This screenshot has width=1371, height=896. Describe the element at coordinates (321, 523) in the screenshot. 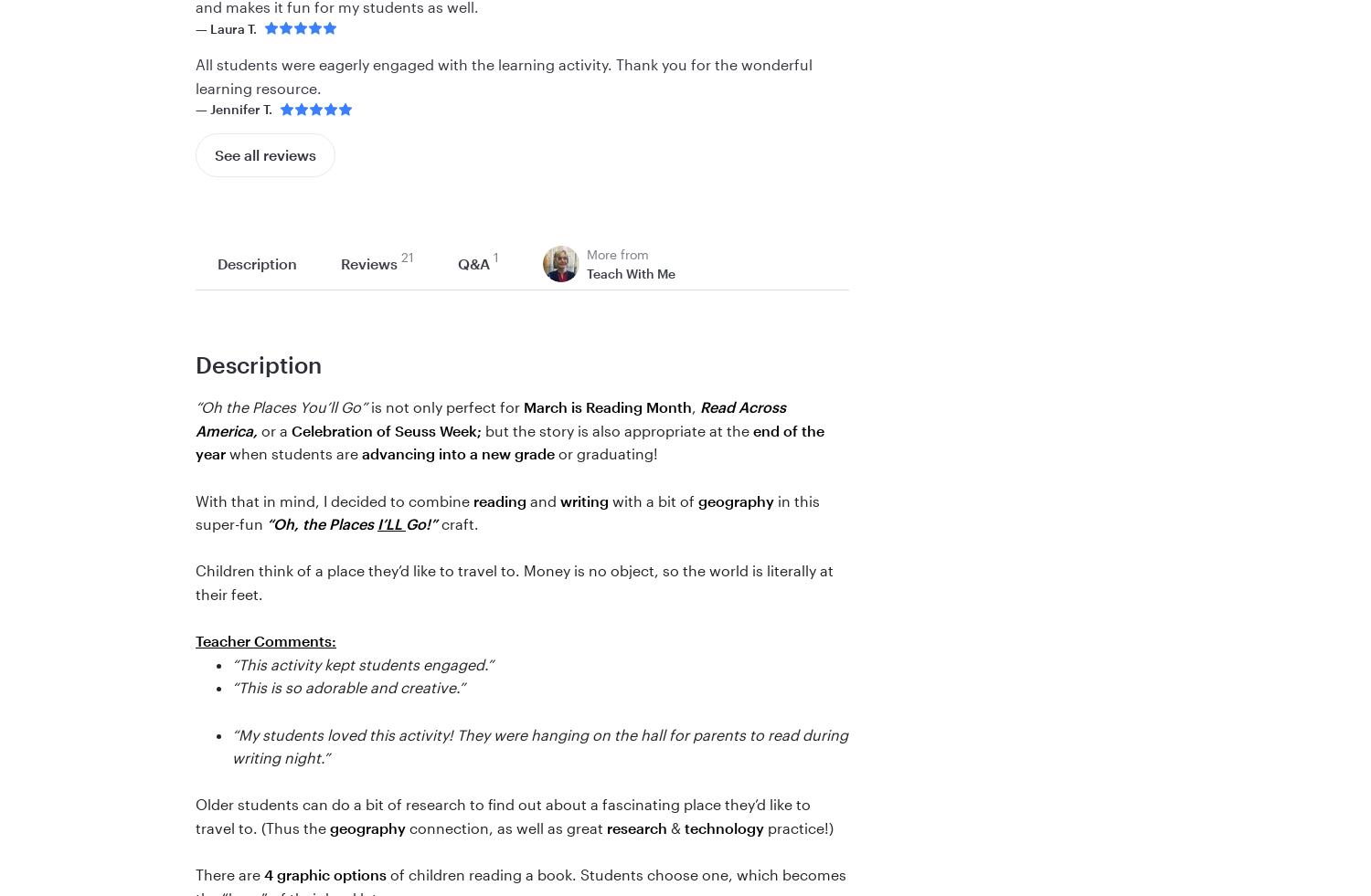

I see `'“Oh, the Places'` at that location.